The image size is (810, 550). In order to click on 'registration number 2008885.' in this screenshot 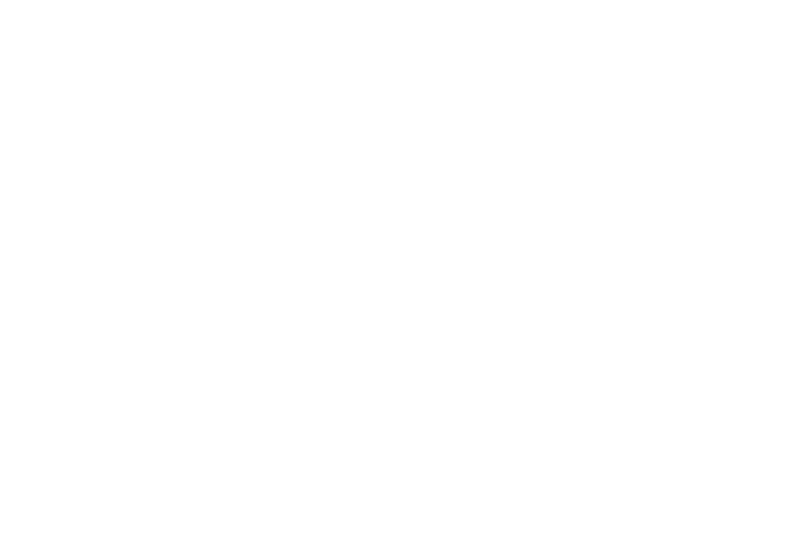, I will do `click(404, 476)`.